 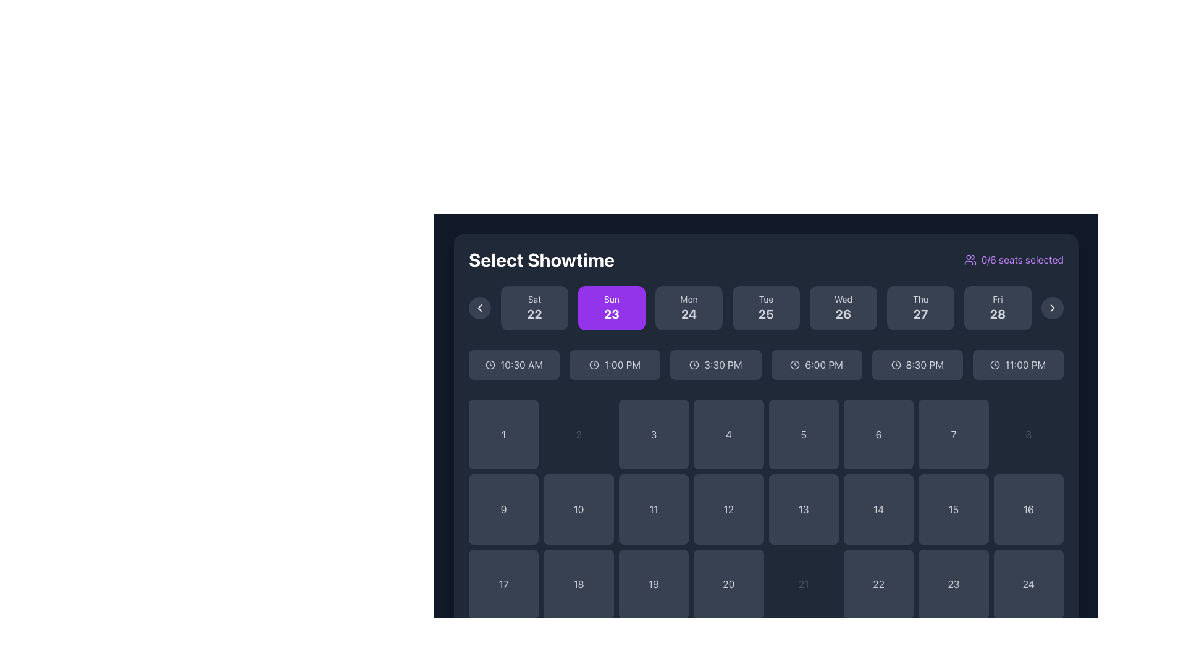 I want to click on the SVG graphic circle located in the middle of the third row of buttons under the date selection row, which is associated with the time slot '6:00 PM', so click(x=795, y=364).